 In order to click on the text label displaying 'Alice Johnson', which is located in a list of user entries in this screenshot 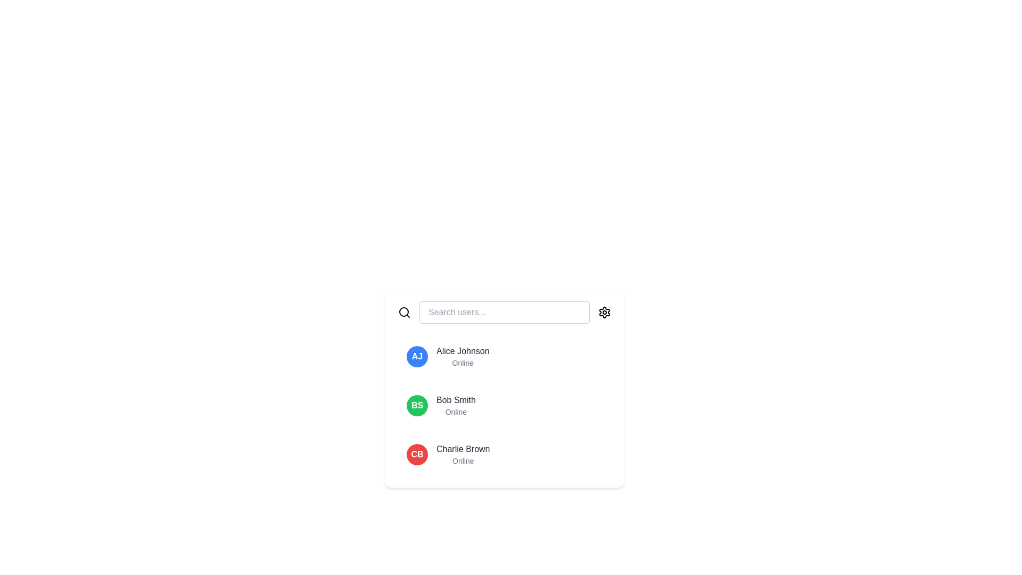, I will do `click(463, 351)`.